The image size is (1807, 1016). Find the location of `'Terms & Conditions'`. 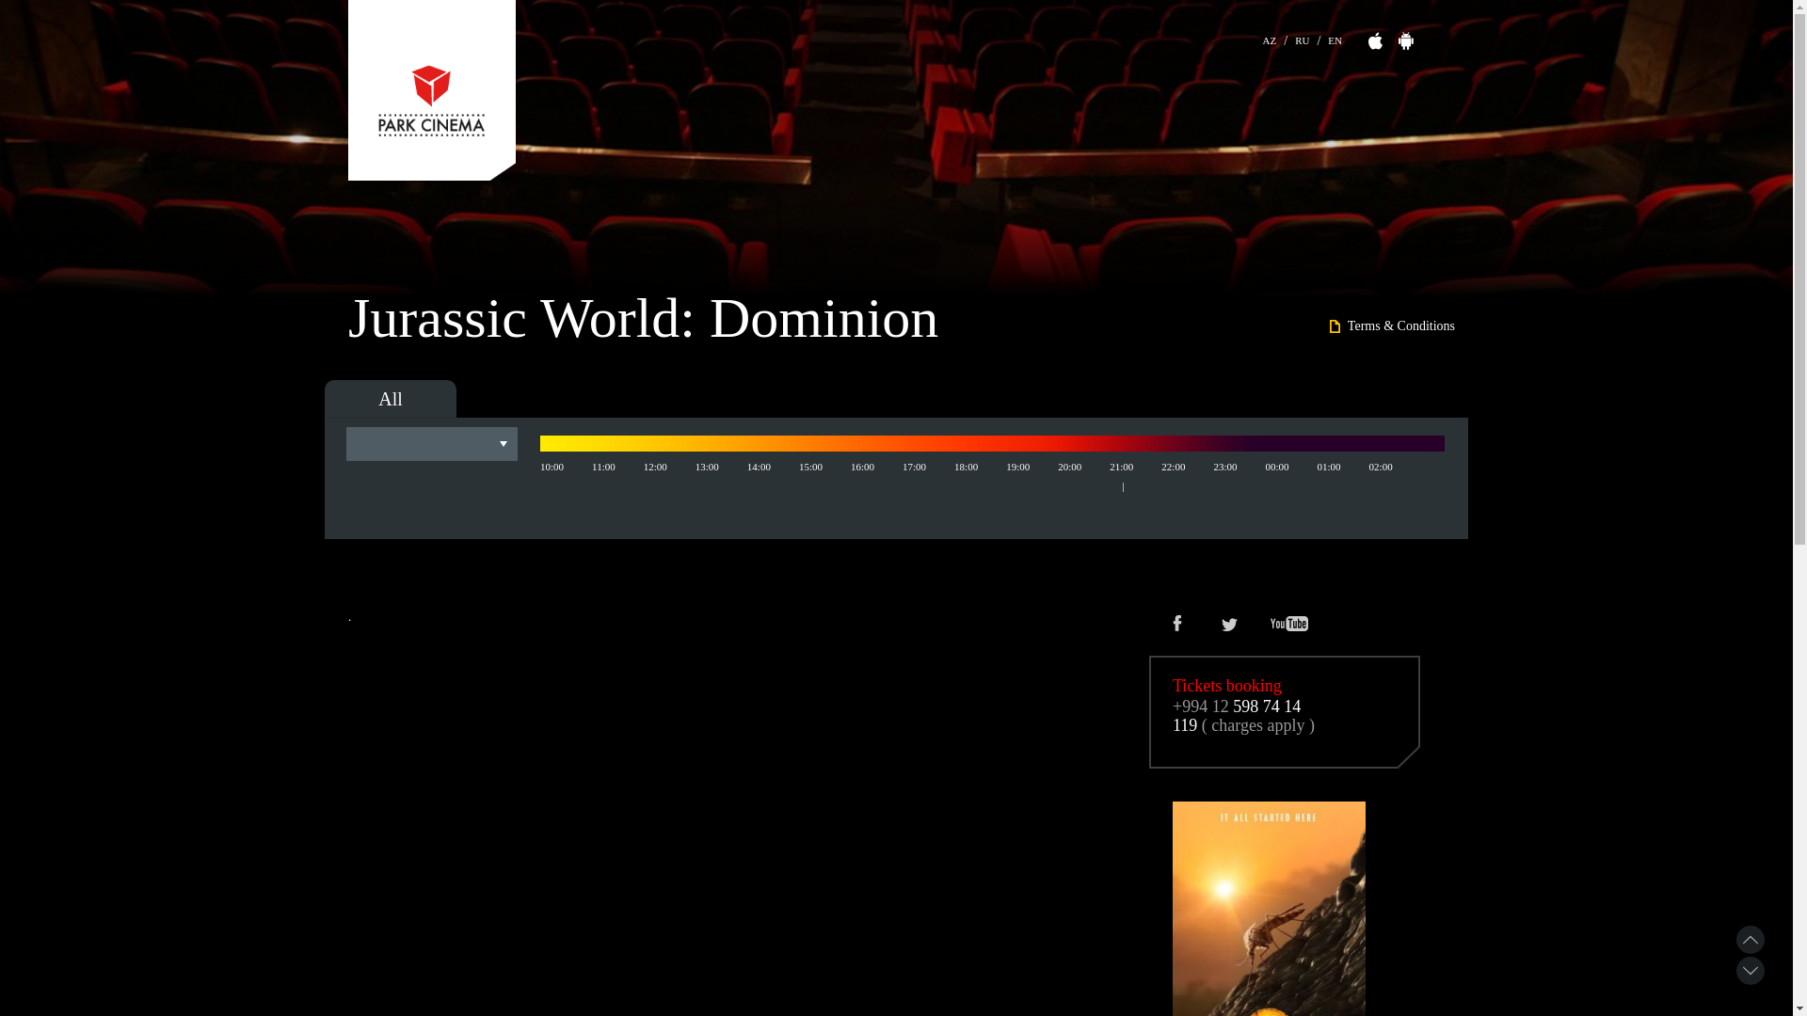

'Terms & Conditions' is located at coordinates (1392, 325).